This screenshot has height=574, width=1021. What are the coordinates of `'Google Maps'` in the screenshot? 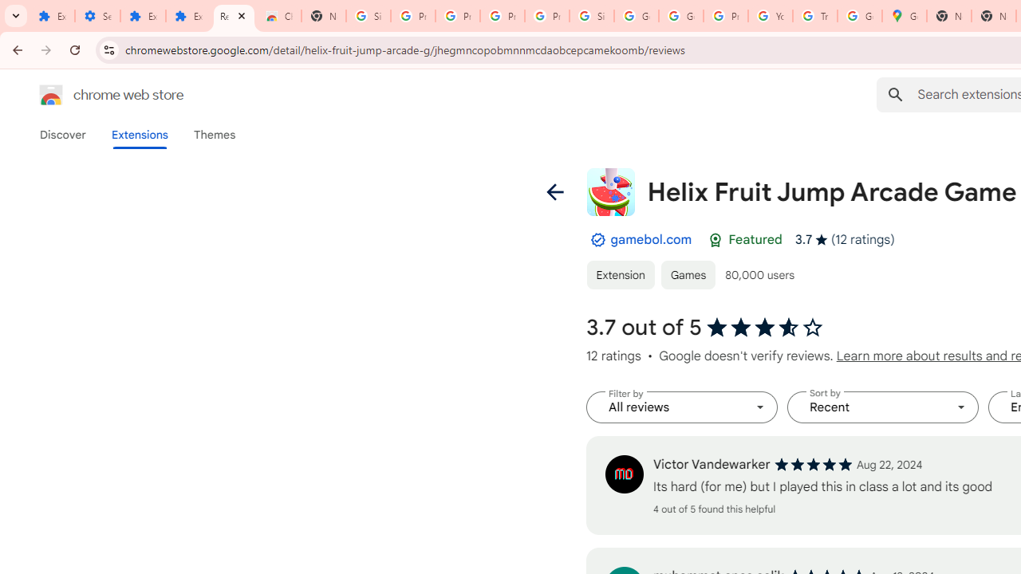 It's located at (905, 16).